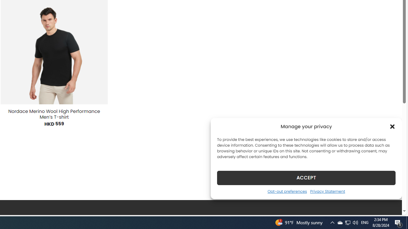 This screenshot has width=408, height=229. Describe the element at coordinates (389, 206) in the screenshot. I see `'Go to top'` at that location.